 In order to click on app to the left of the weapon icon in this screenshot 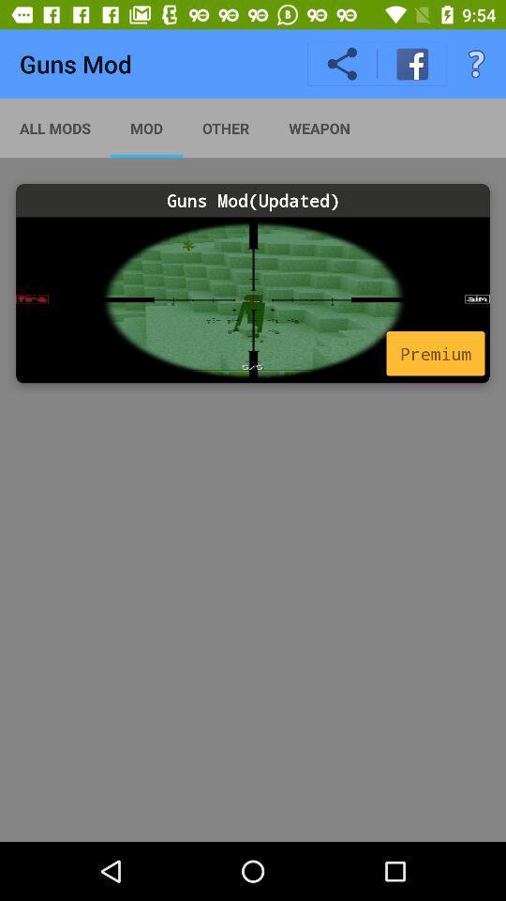, I will do `click(226, 127)`.